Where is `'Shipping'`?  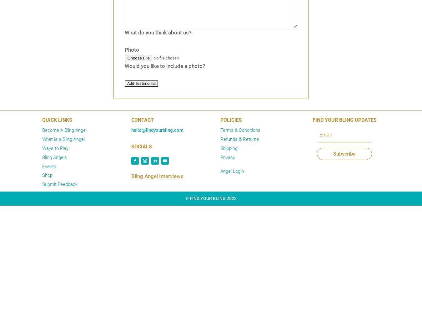
'Shipping' is located at coordinates (228, 148).